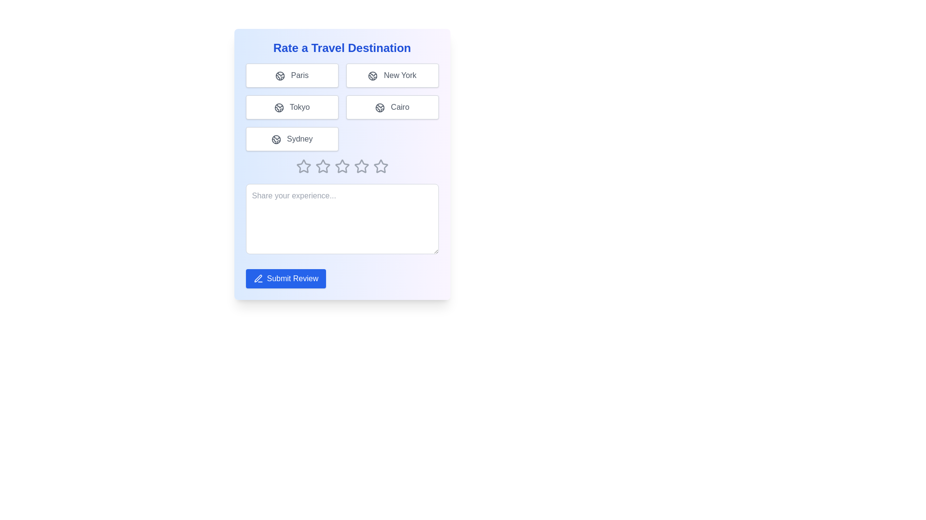  Describe the element at coordinates (291, 107) in the screenshot. I see `the button labeled 'Tokyo' located in the grid under 'Rate a Travel Destination'` at that location.